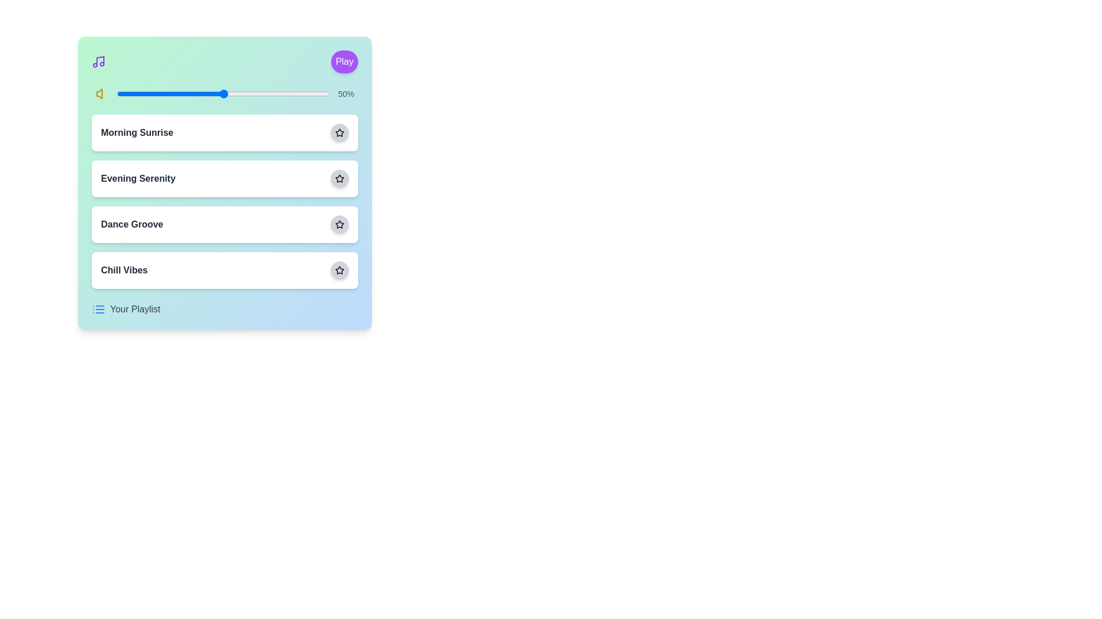  Describe the element at coordinates (135, 309) in the screenshot. I see `the Text Label that indicates the contents or purpose of a playlist, located towards the lower left corner of the interface, next to a small list icon` at that location.